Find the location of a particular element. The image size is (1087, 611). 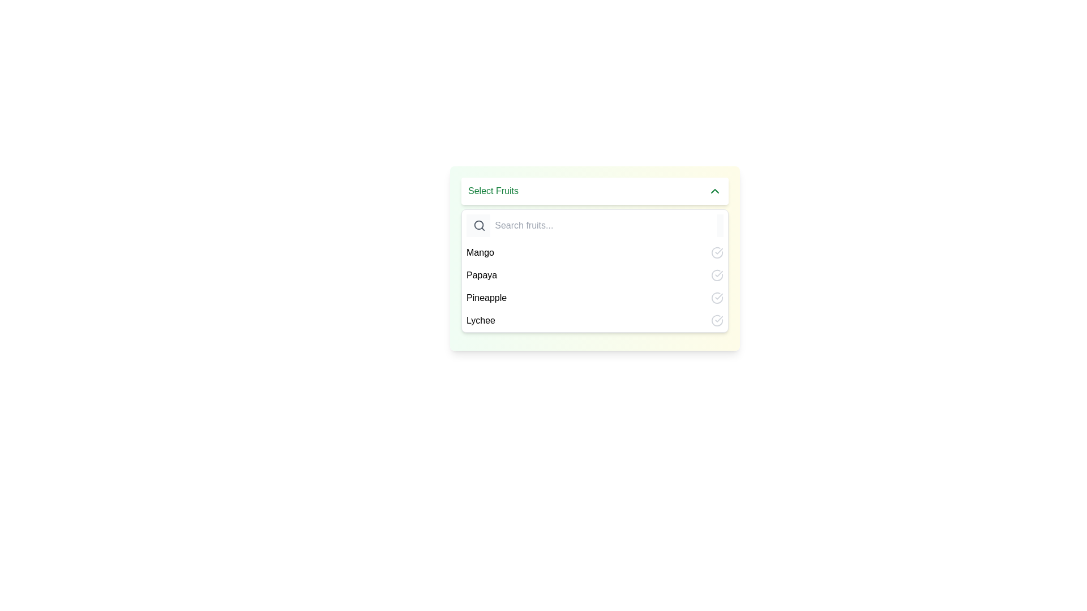

to select the 'Pineapple' item from the dropdown menu titled 'Select Fruits', which is the third item in the list is located at coordinates (594, 298).